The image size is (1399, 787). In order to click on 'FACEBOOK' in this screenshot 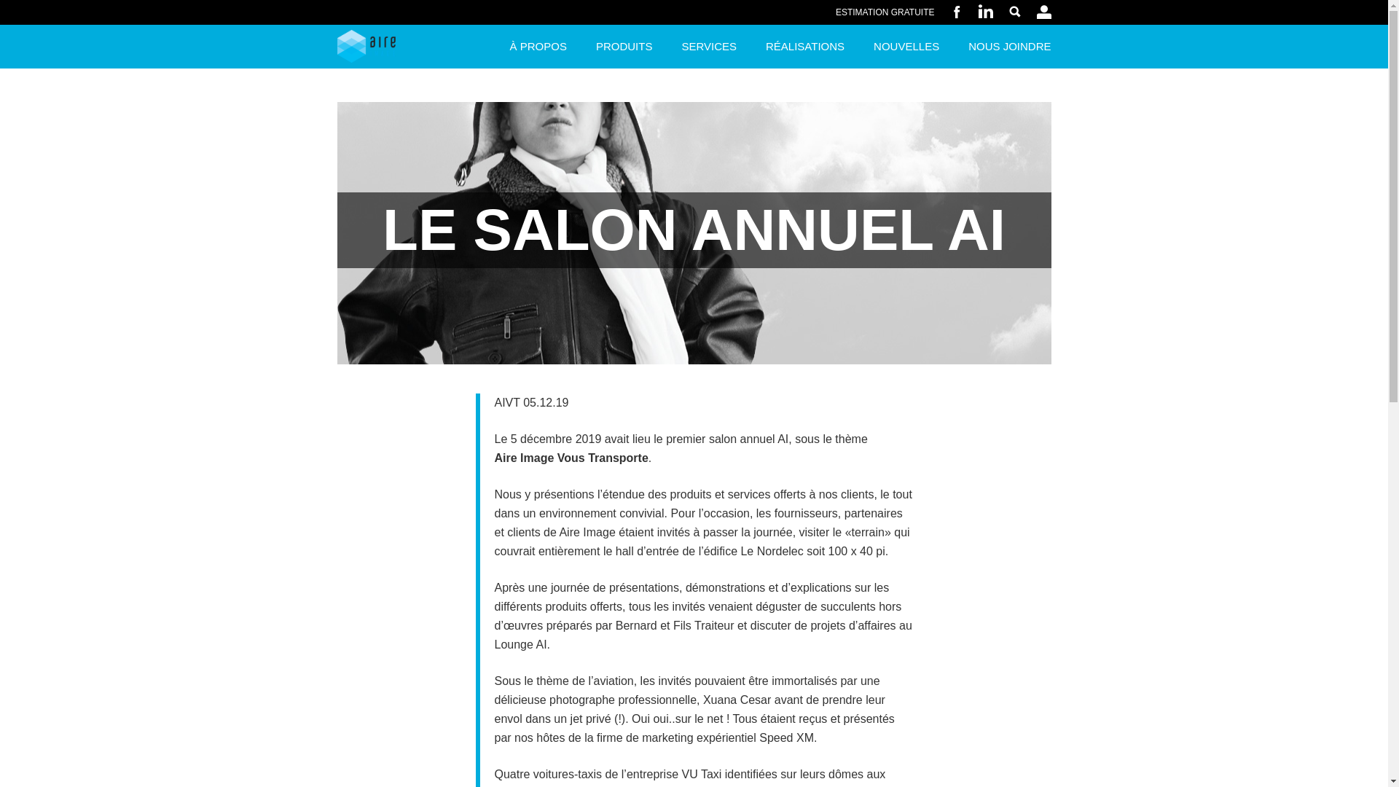, I will do `click(948, 11)`.